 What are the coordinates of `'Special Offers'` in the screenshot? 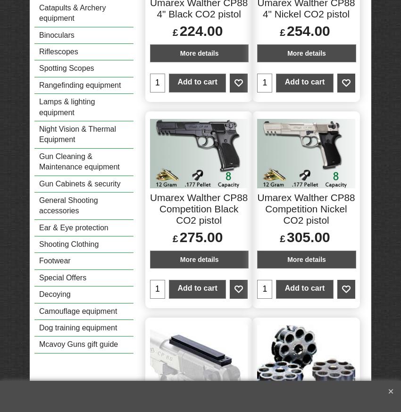 It's located at (63, 277).